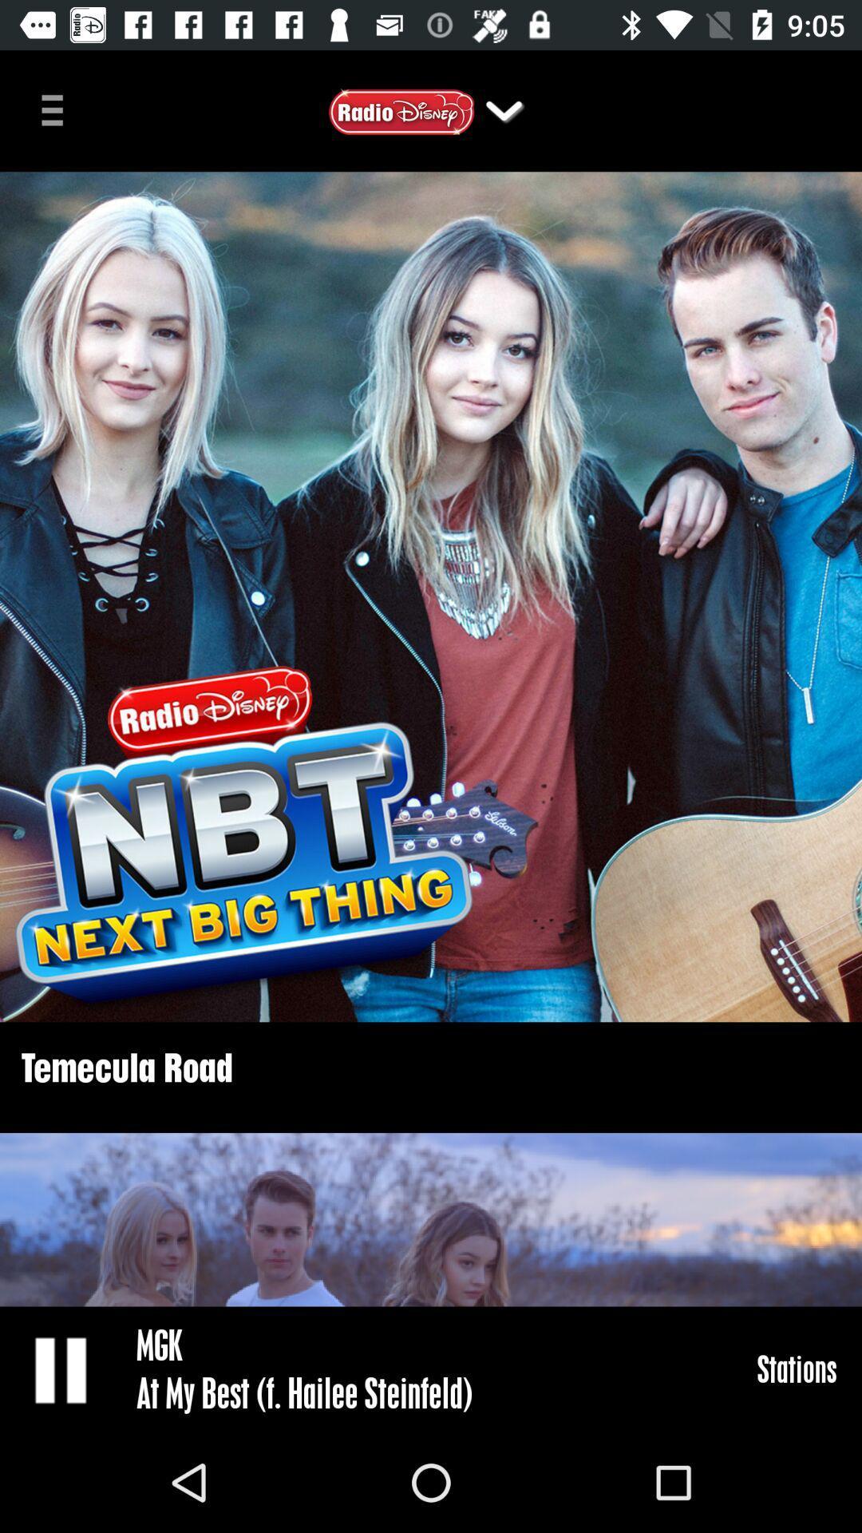  What do you see at coordinates (797, 1368) in the screenshot?
I see `icon next to the mgk icon` at bounding box center [797, 1368].